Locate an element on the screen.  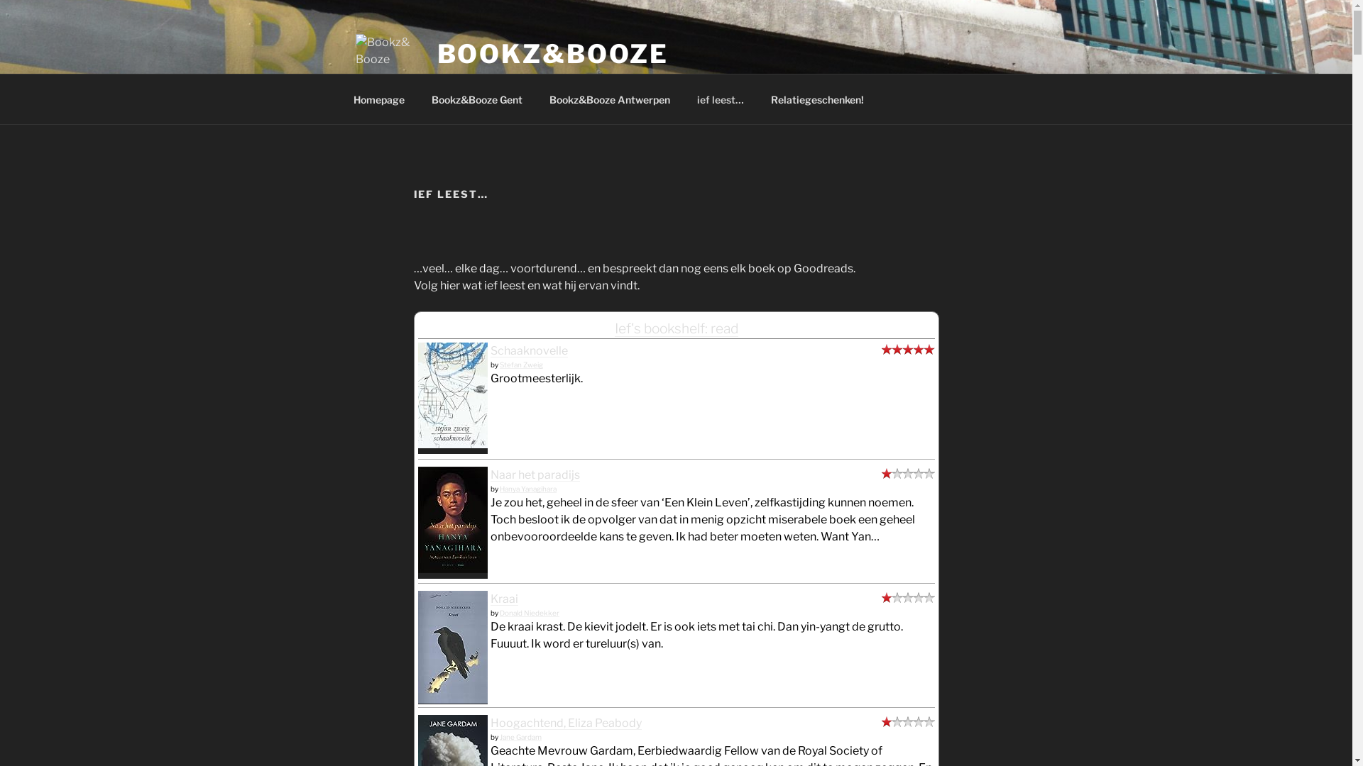
'BOOKZ&BOOZE' is located at coordinates (552, 53).